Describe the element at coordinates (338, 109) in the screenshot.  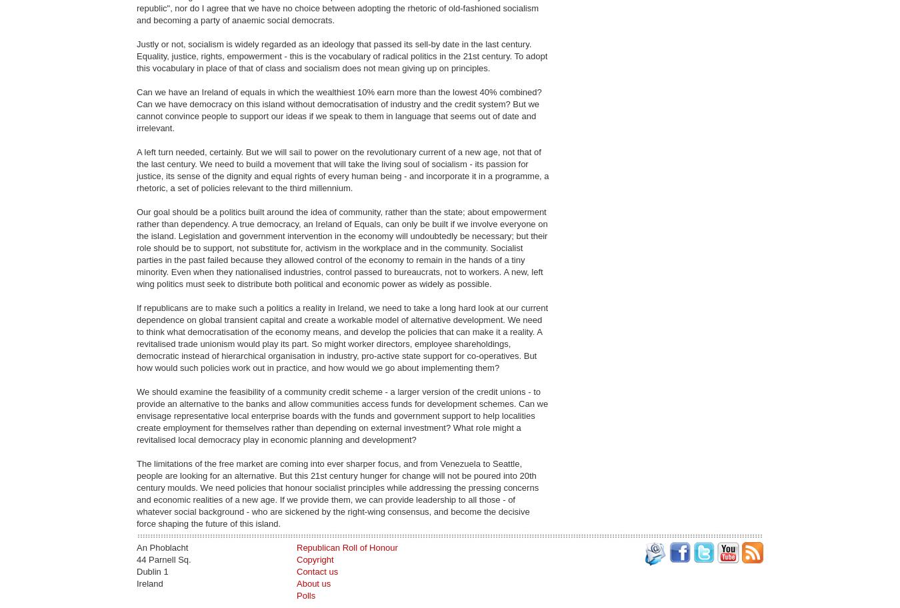
I see `'Can we have an Ireland of equals in which the wealthiest 10% earn more than the lowest 40% combined? Can we have democracy on this island without democratisation of industry and the credit system? But we cannot convince people to support our ideas if we speak to them in language that seems out of date and irrelevant.'` at that location.